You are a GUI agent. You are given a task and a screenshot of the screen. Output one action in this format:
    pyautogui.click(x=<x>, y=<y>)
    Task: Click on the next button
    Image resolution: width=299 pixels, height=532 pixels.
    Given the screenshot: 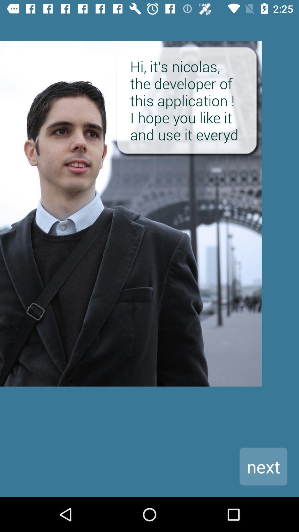 What is the action you would take?
    pyautogui.click(x=263, y=466)
    